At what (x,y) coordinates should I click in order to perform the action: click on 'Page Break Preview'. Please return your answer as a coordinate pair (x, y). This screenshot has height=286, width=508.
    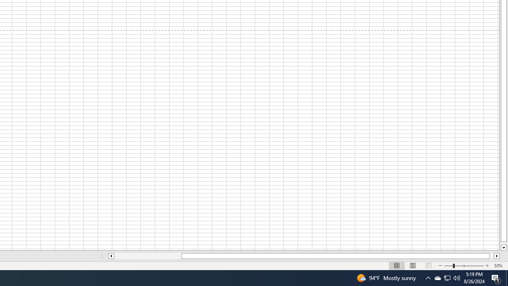
    Looking at the image, I should click on (428, 266).